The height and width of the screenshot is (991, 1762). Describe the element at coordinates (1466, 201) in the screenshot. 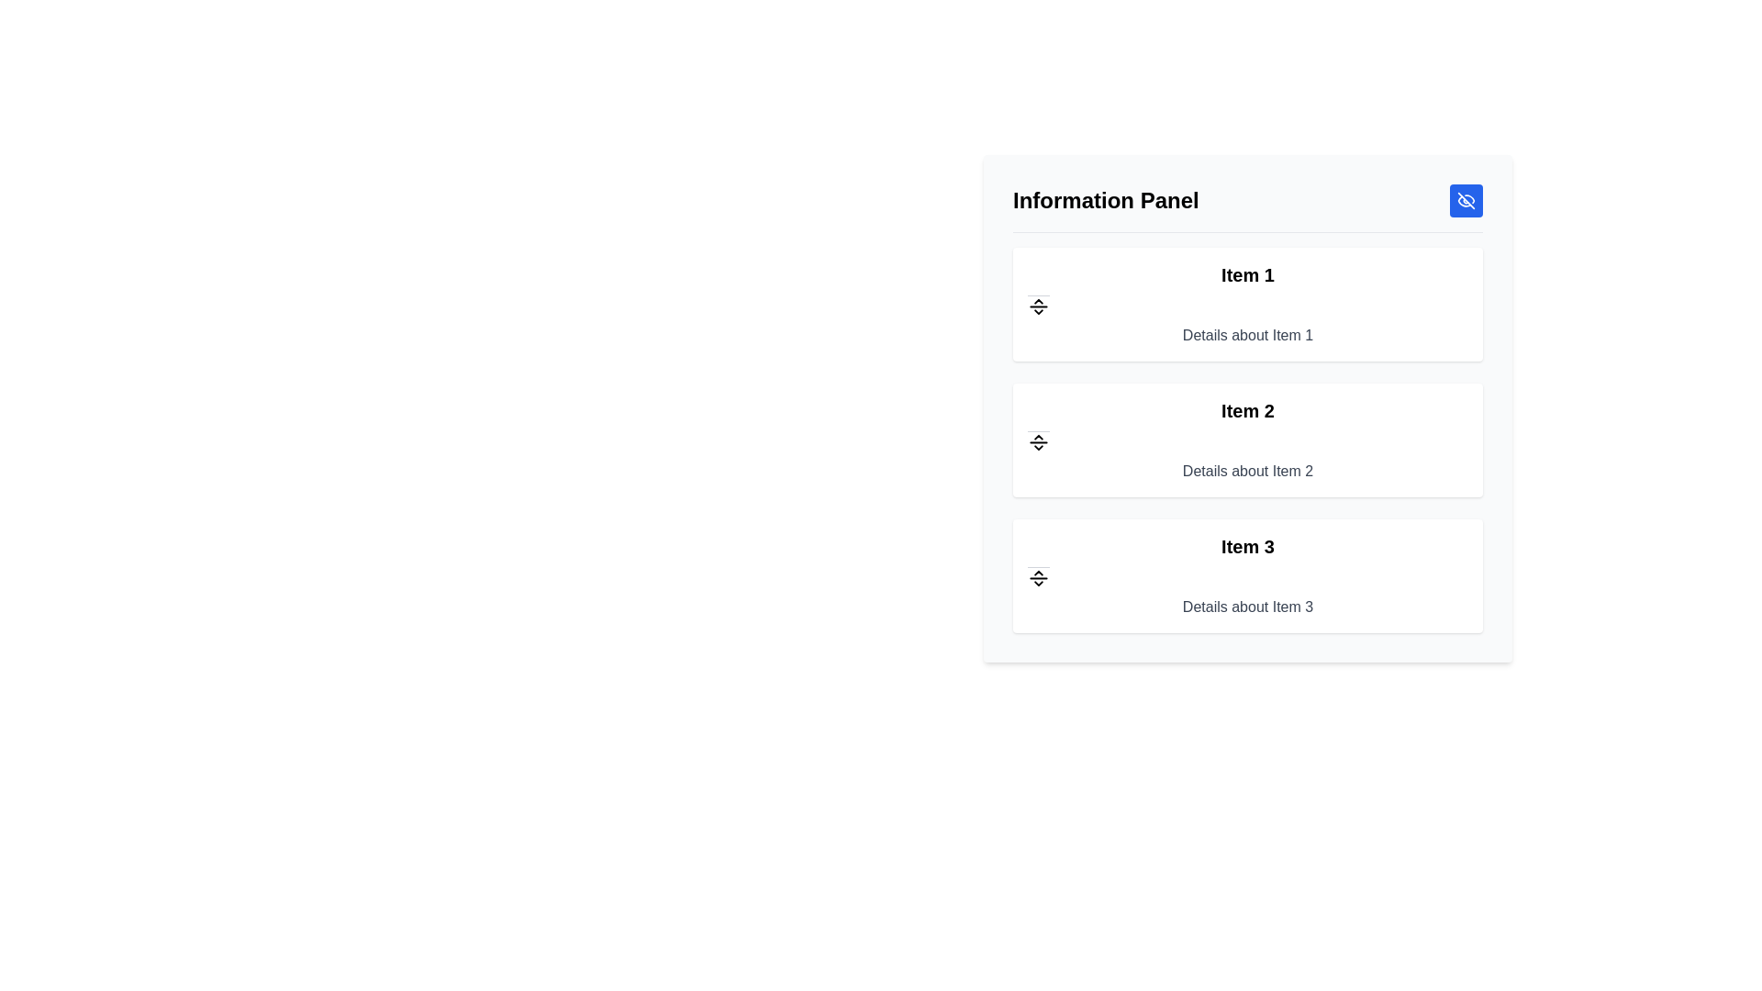

I see `the visibility toggle button with an eye icon and strikethrough located in the top-right corner of the 'Information Panel' section` at that location.